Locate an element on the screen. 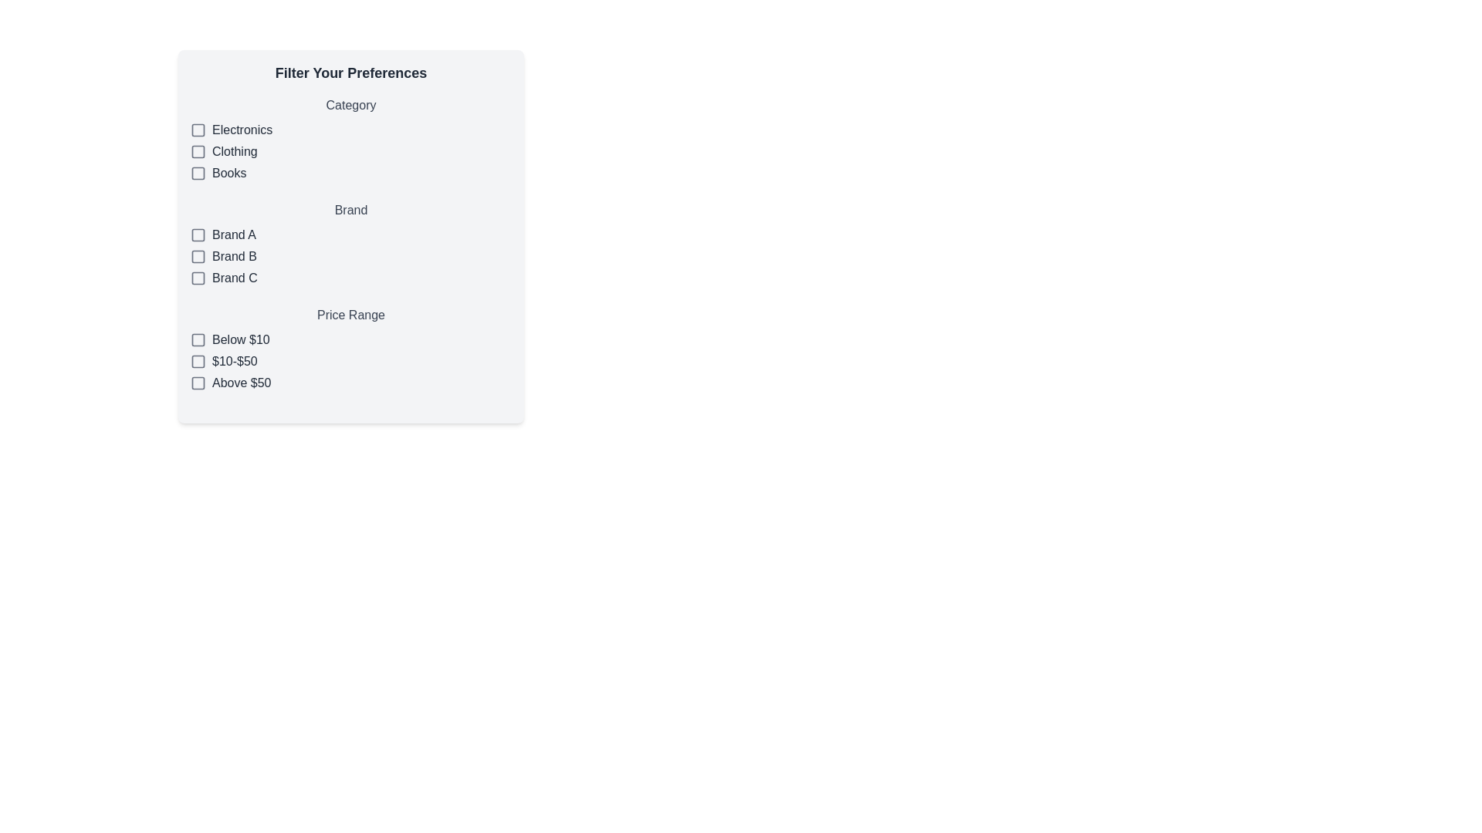 This screenshot has width=1482, height=833. the third checkbox labeled 'Brand C' in the vertical list of brand selection options is located at coordinates (198, 278).